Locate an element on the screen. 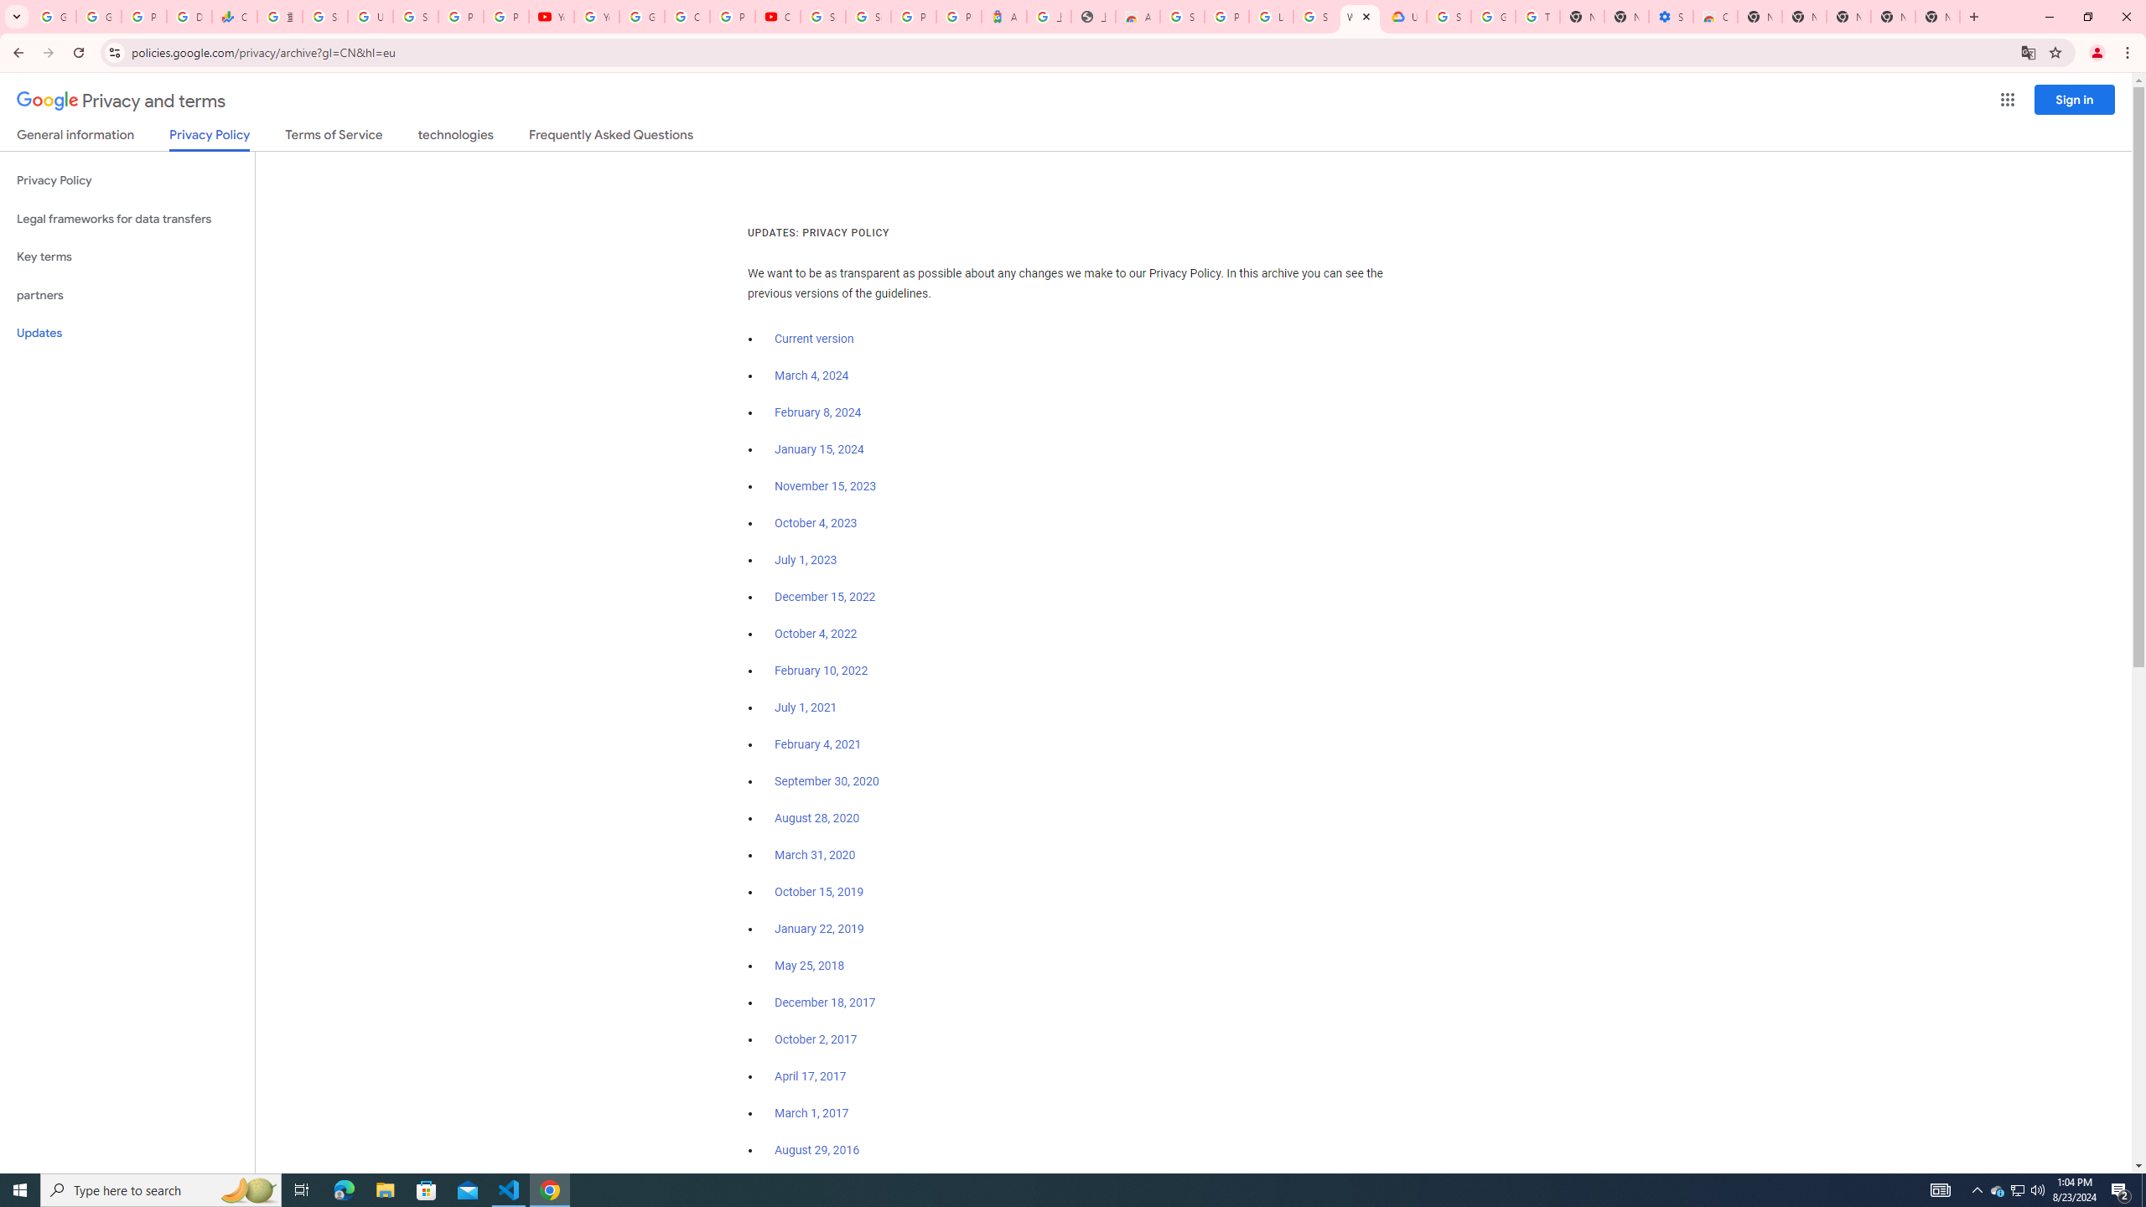 Image resolution: width=2146 pixels, height=1207 pixels. 'Back' is located at coordinates (16, 52).